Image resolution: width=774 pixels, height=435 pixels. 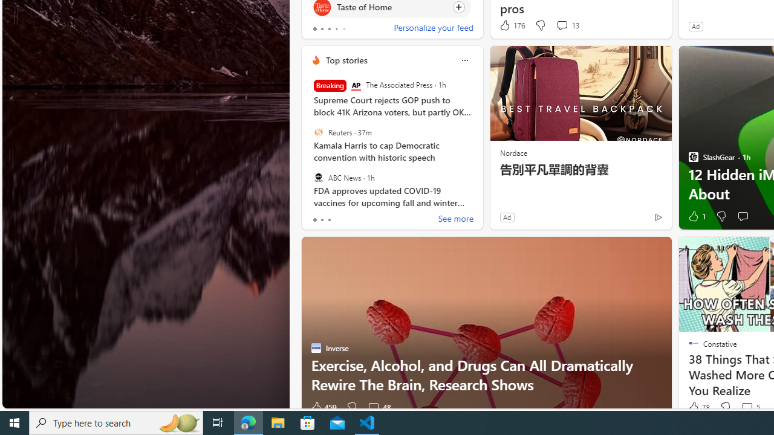 I want to click on 'tab-3', so click(x=336, y=28).